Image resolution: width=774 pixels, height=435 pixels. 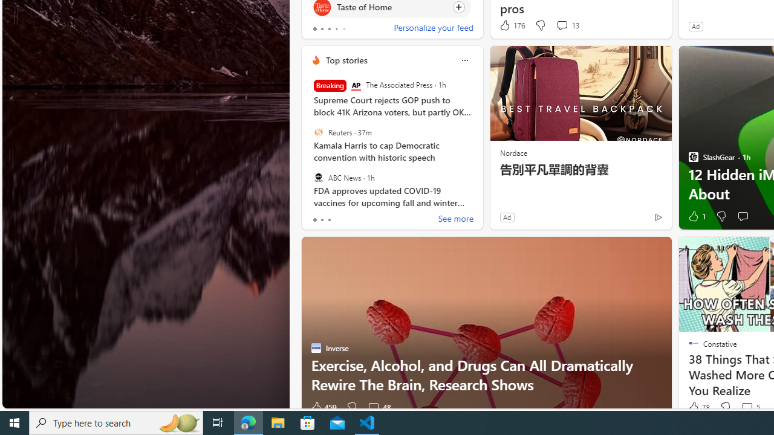 I want to click on 'tab-3', so click(x=336, y=28).